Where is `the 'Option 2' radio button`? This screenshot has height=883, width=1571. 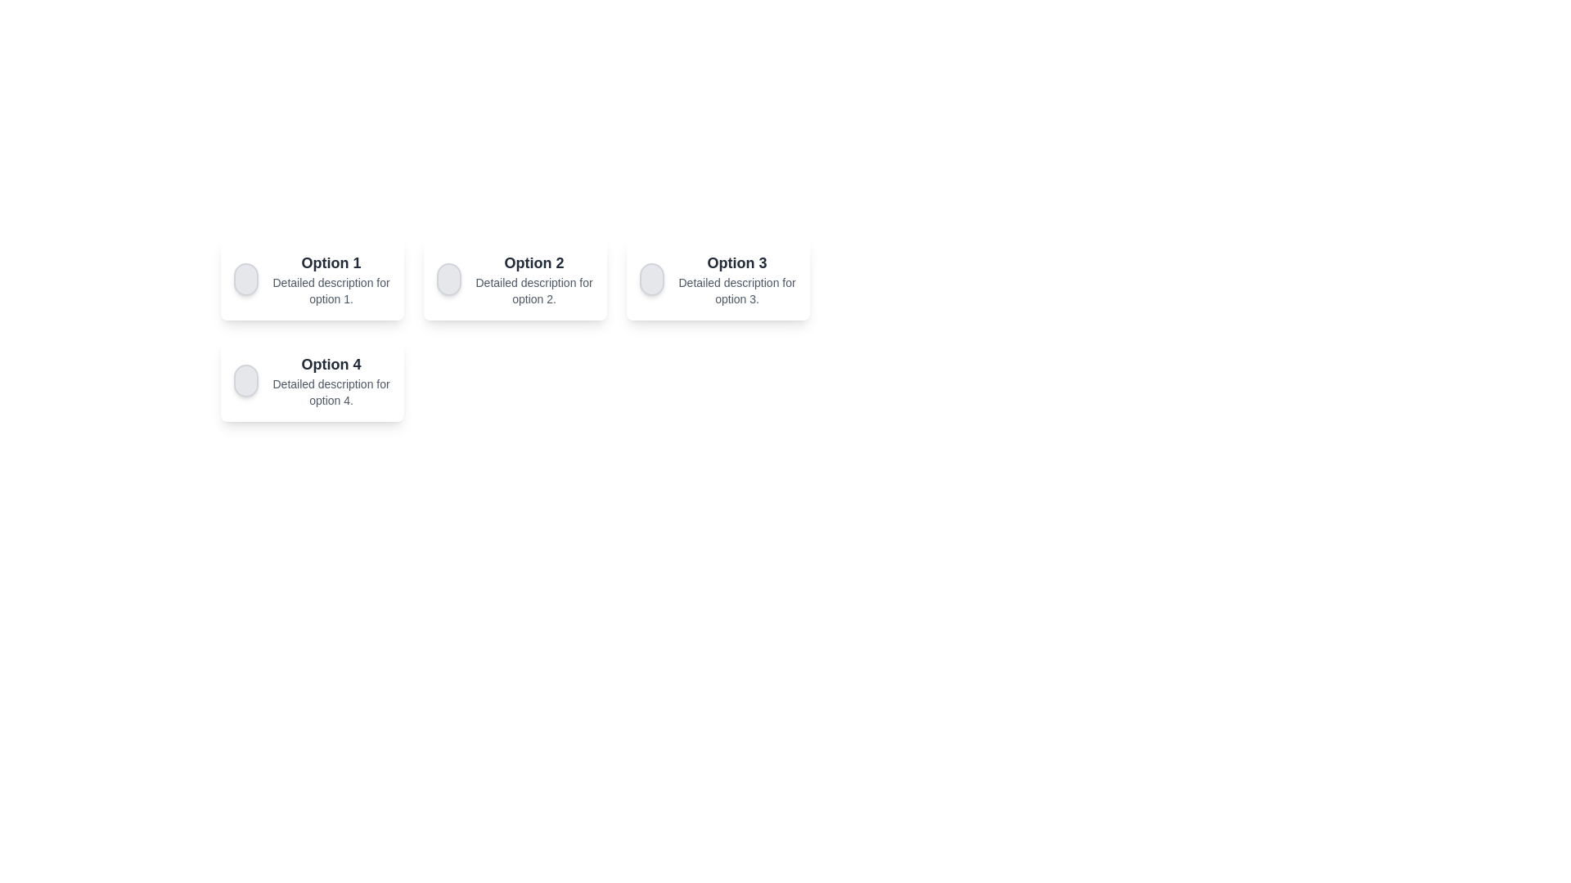 the 'Option 2' radio button is located at coordinates (449, 279).